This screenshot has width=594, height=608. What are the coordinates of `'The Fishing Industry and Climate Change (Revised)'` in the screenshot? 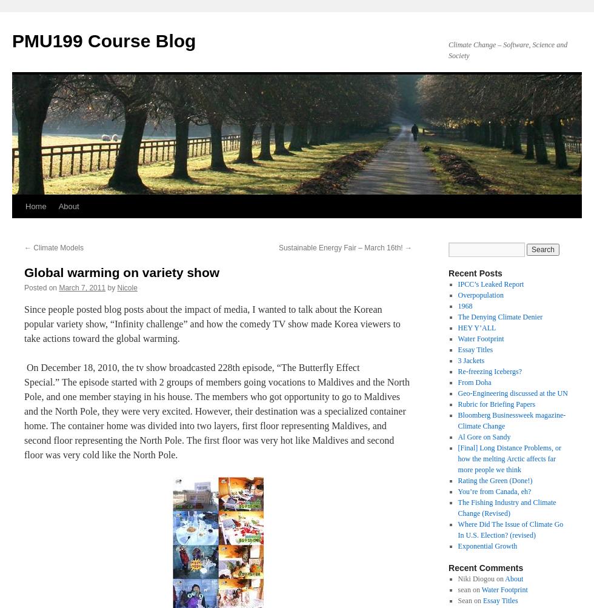 It's located at (507, 508).